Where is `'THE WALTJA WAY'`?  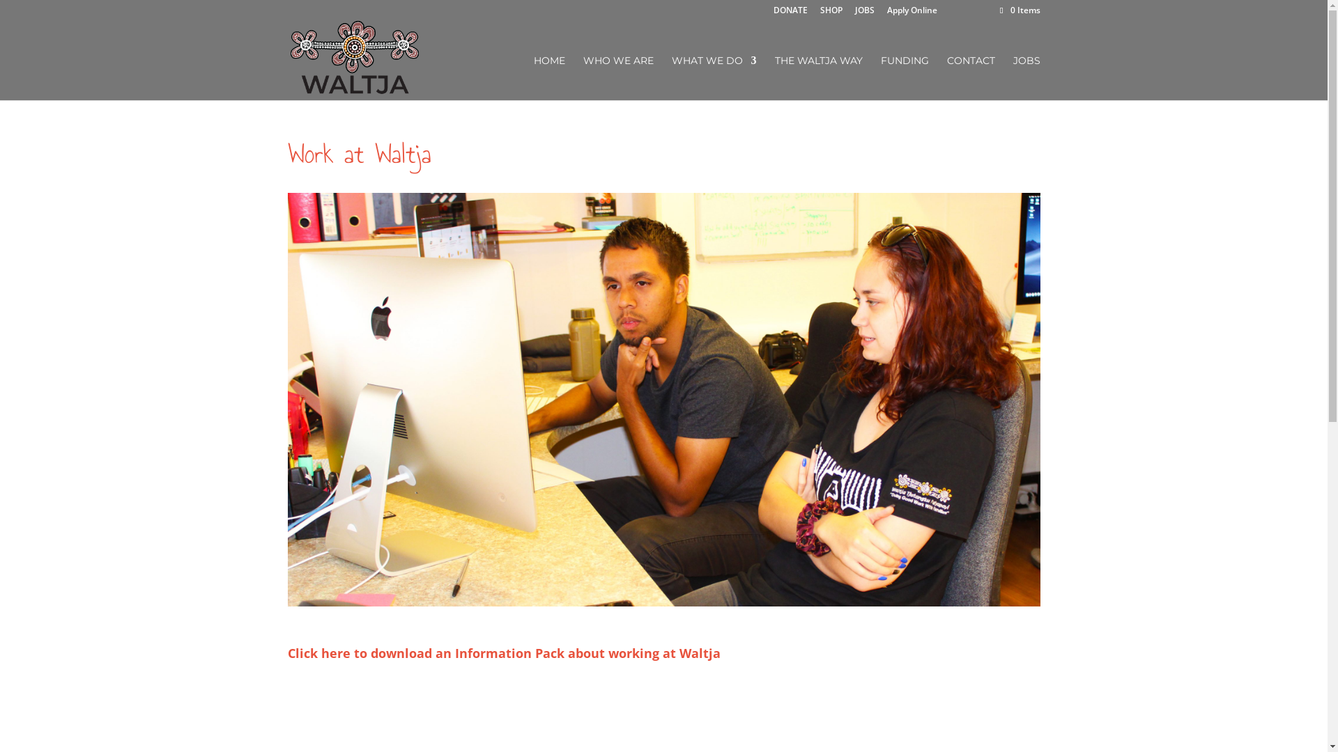
'THE WALTJA WAY' is located at coordinates (819, 77).